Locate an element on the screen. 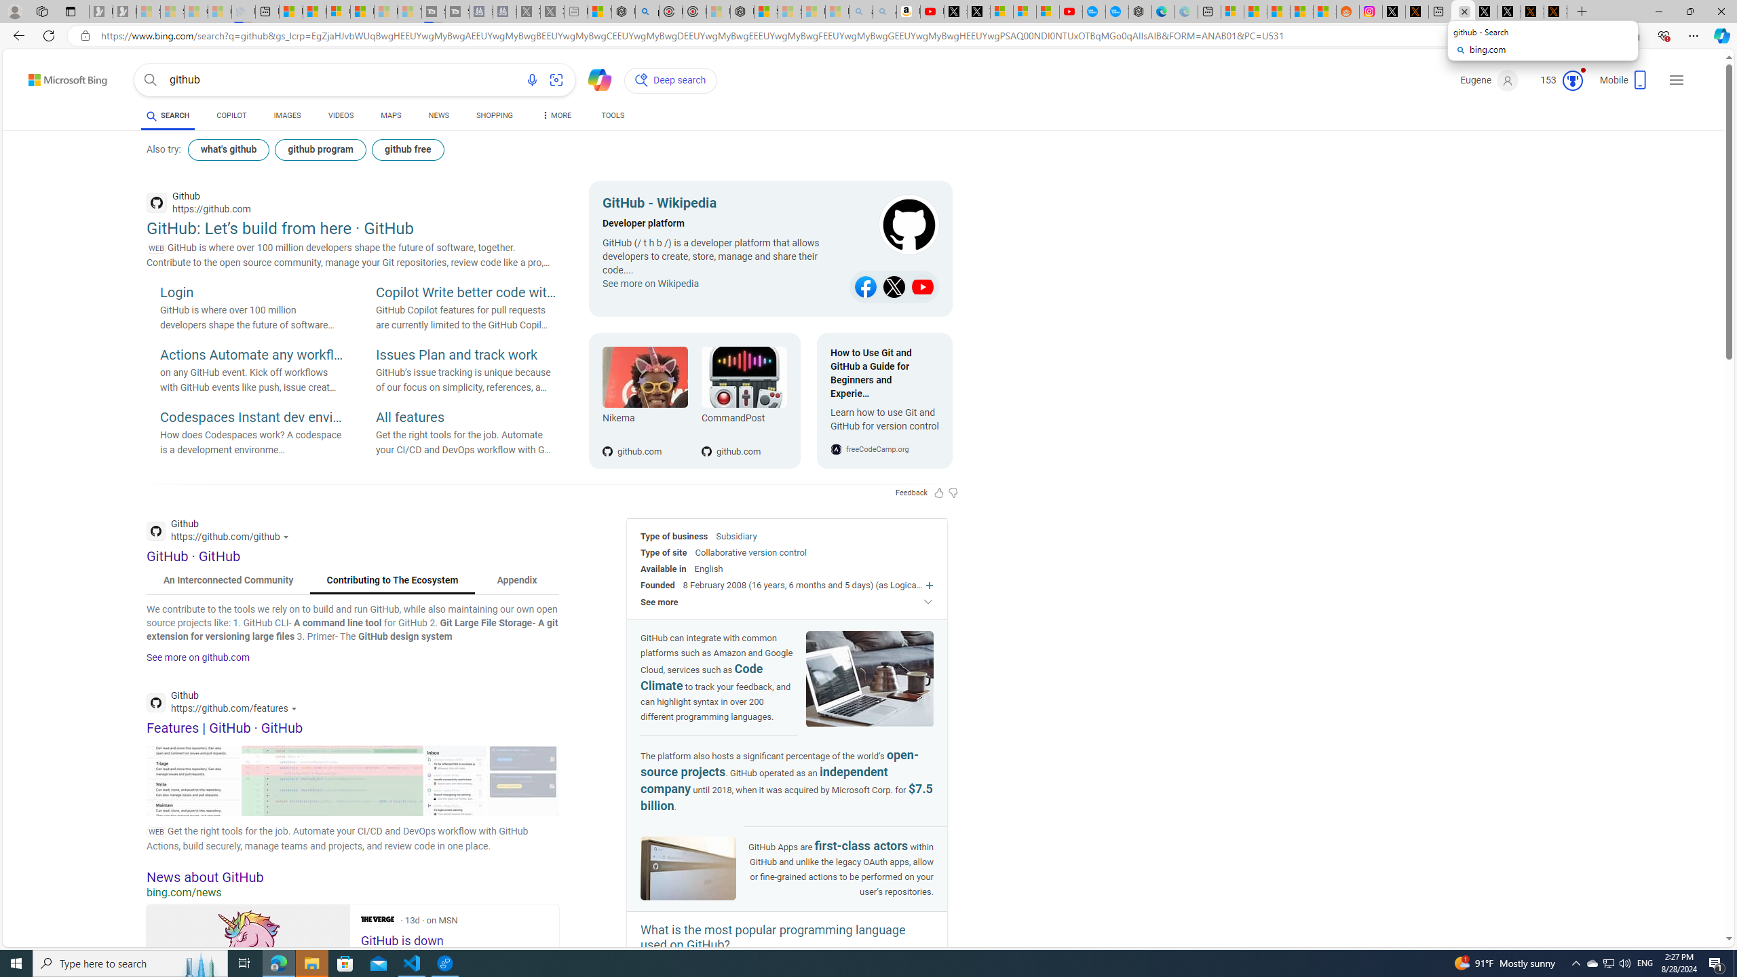 The width and height of the screenshot is (1737, 977). 'IMAGES' is located at coordinates (287, 115).